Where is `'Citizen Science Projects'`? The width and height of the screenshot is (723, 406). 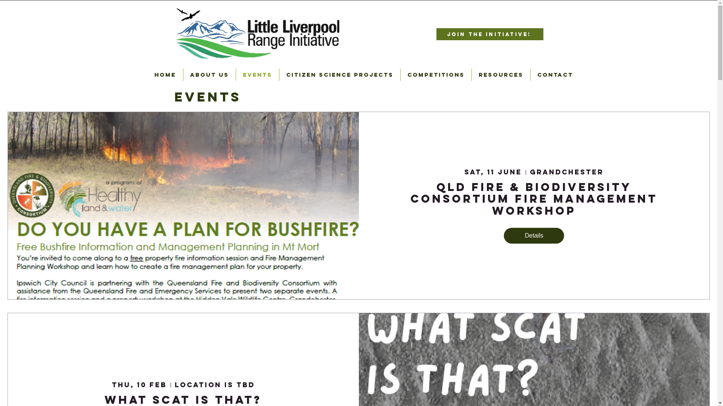 'Citizen Science Projects' is located at coordinates (339, 75).